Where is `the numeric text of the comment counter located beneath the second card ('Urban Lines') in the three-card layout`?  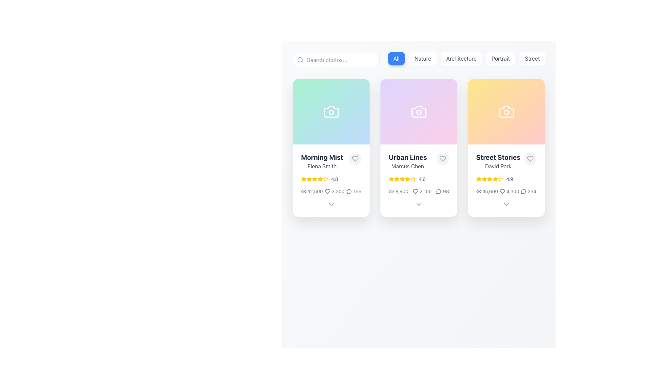 the numeric text of the comment counter located beneath the second card ('Urban Lines') in the three-card layout is located at coordinates (442, 191).